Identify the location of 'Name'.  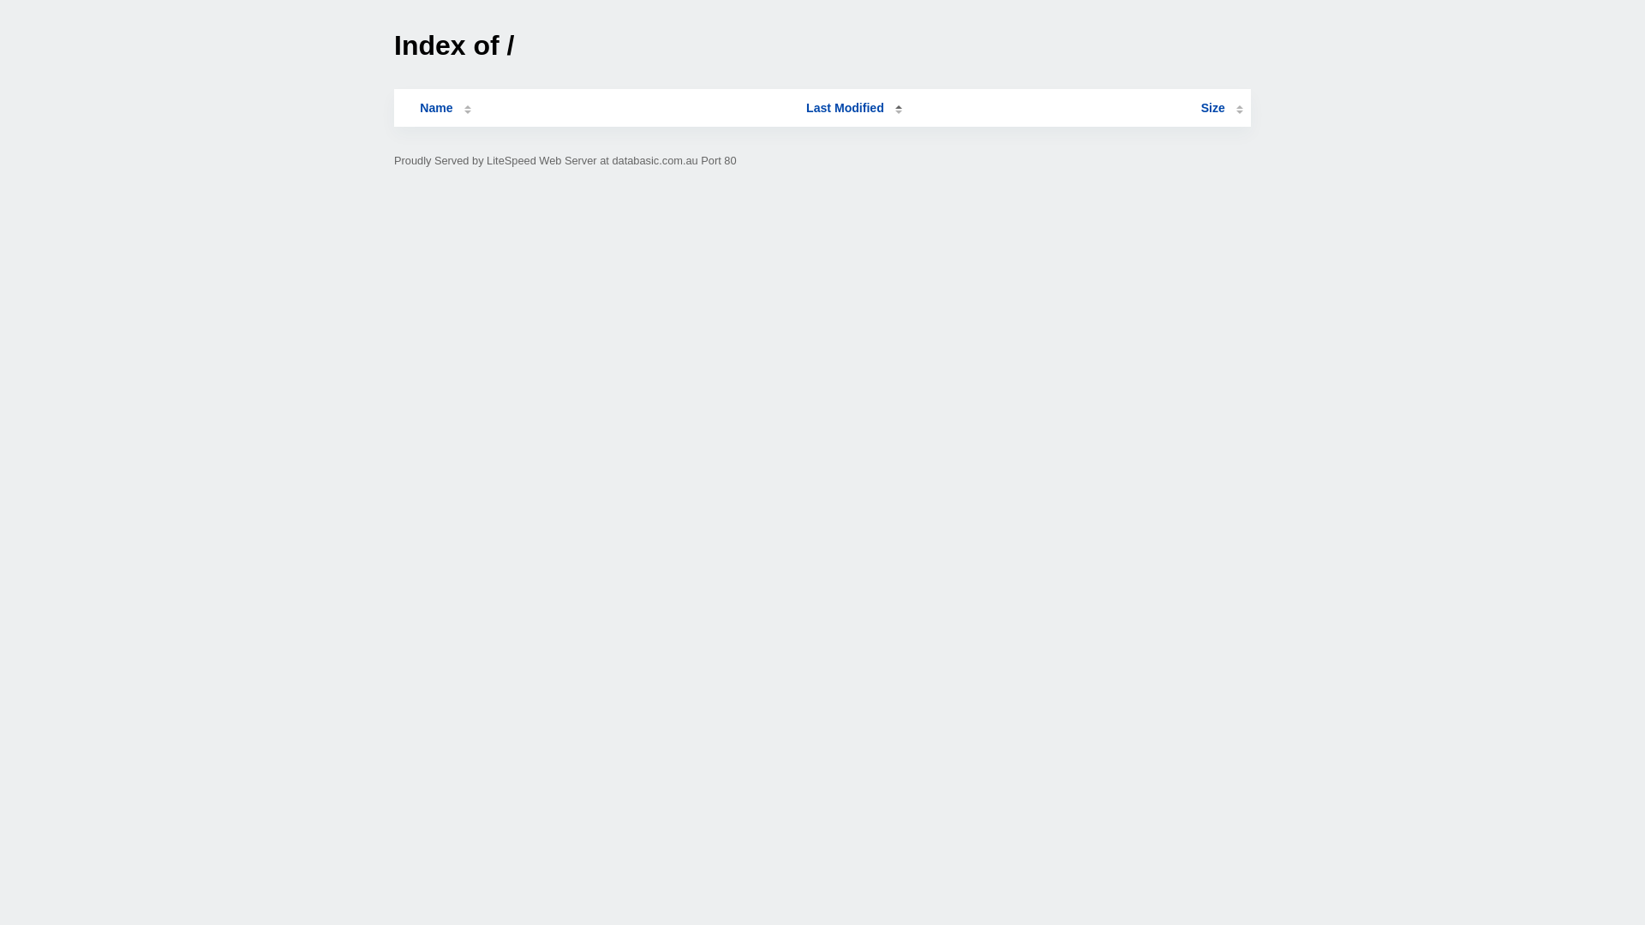
(401, 108).